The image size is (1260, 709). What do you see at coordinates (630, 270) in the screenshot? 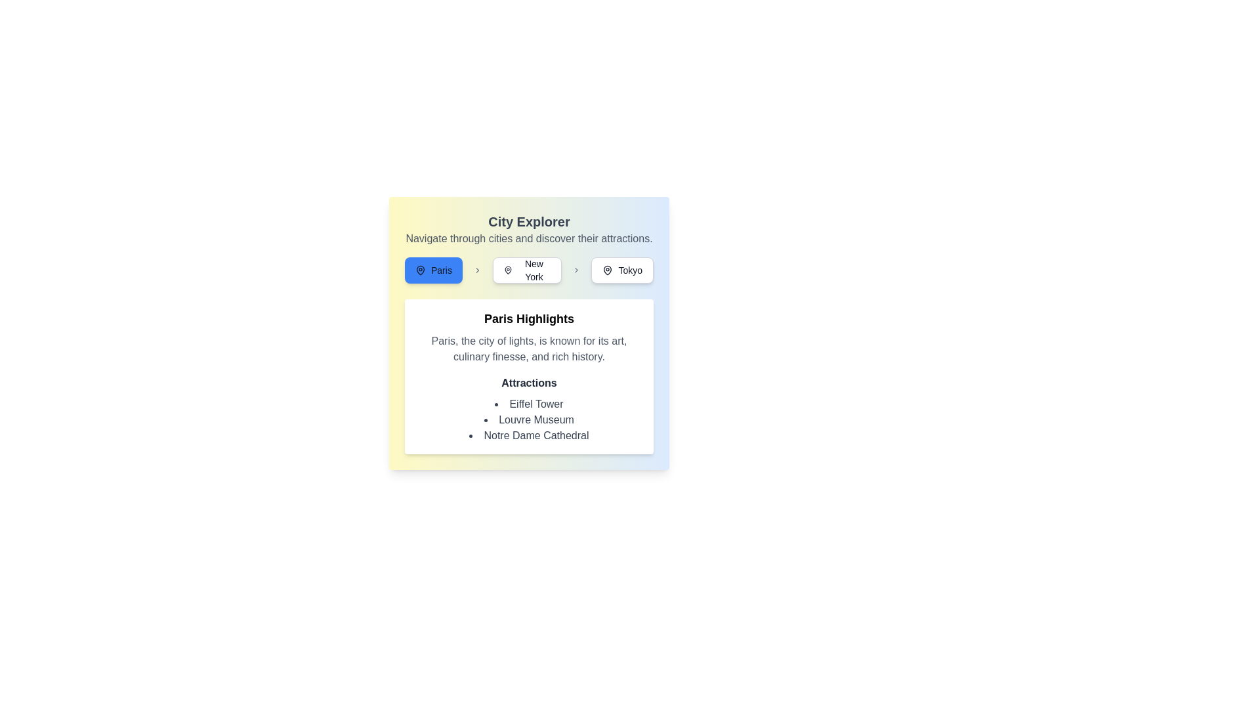
I see `the 'Tokyo' text label within the rightmost navigation button` at bounding box center [630, 270].